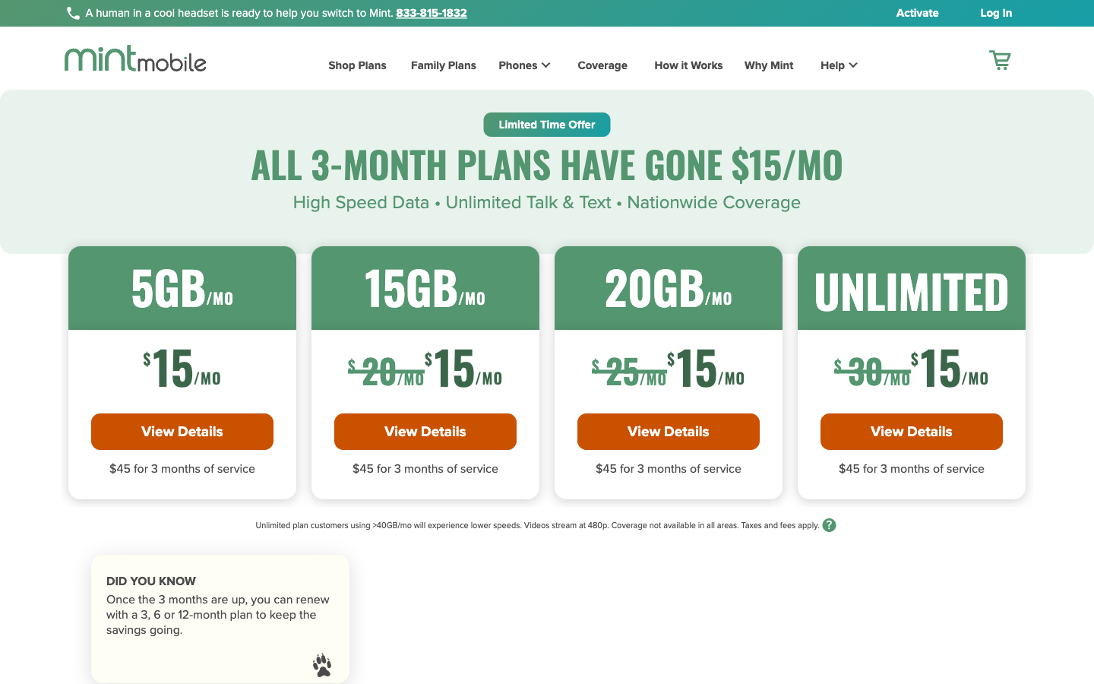 The width and height of the screenshot is (1094, 684). Describe the element at coordinates (667, 431) in the screenshot. I see `additional details about the 20GB Plan` at that location.